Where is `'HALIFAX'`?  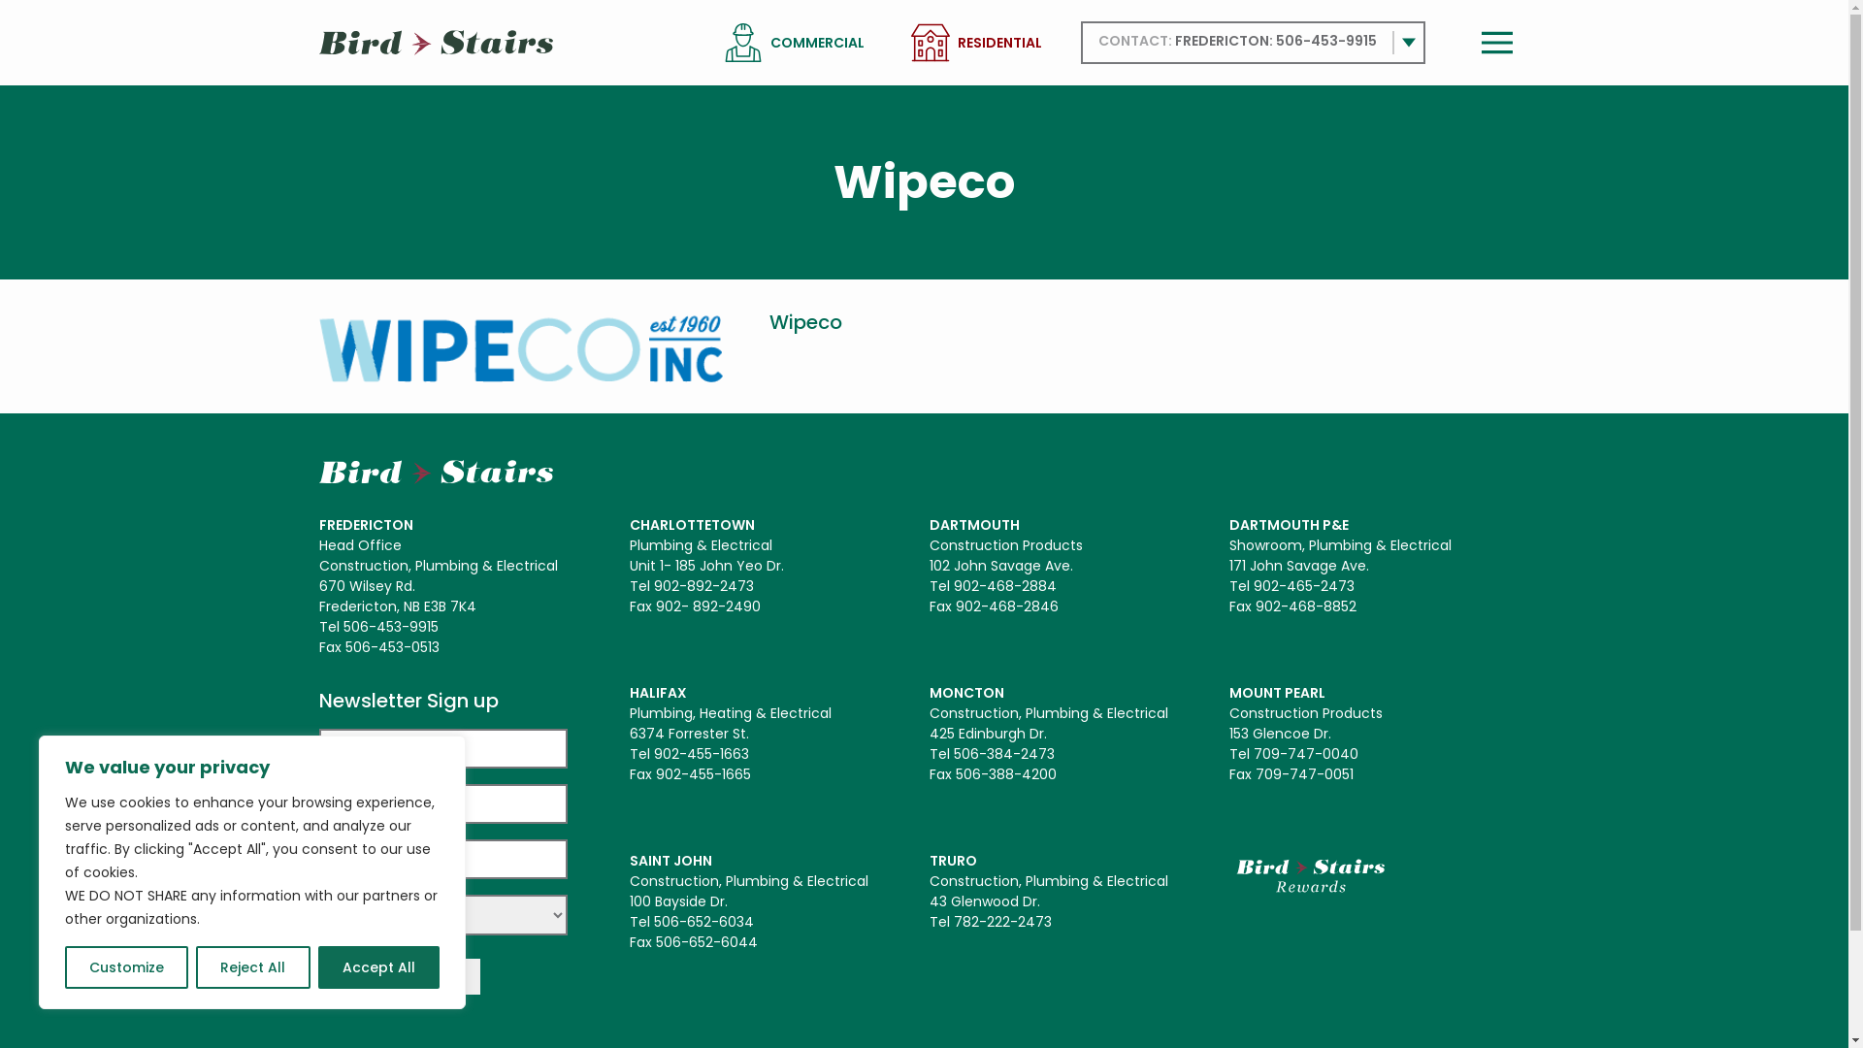 'HALIFAX' is located at coordinates (629, 691).